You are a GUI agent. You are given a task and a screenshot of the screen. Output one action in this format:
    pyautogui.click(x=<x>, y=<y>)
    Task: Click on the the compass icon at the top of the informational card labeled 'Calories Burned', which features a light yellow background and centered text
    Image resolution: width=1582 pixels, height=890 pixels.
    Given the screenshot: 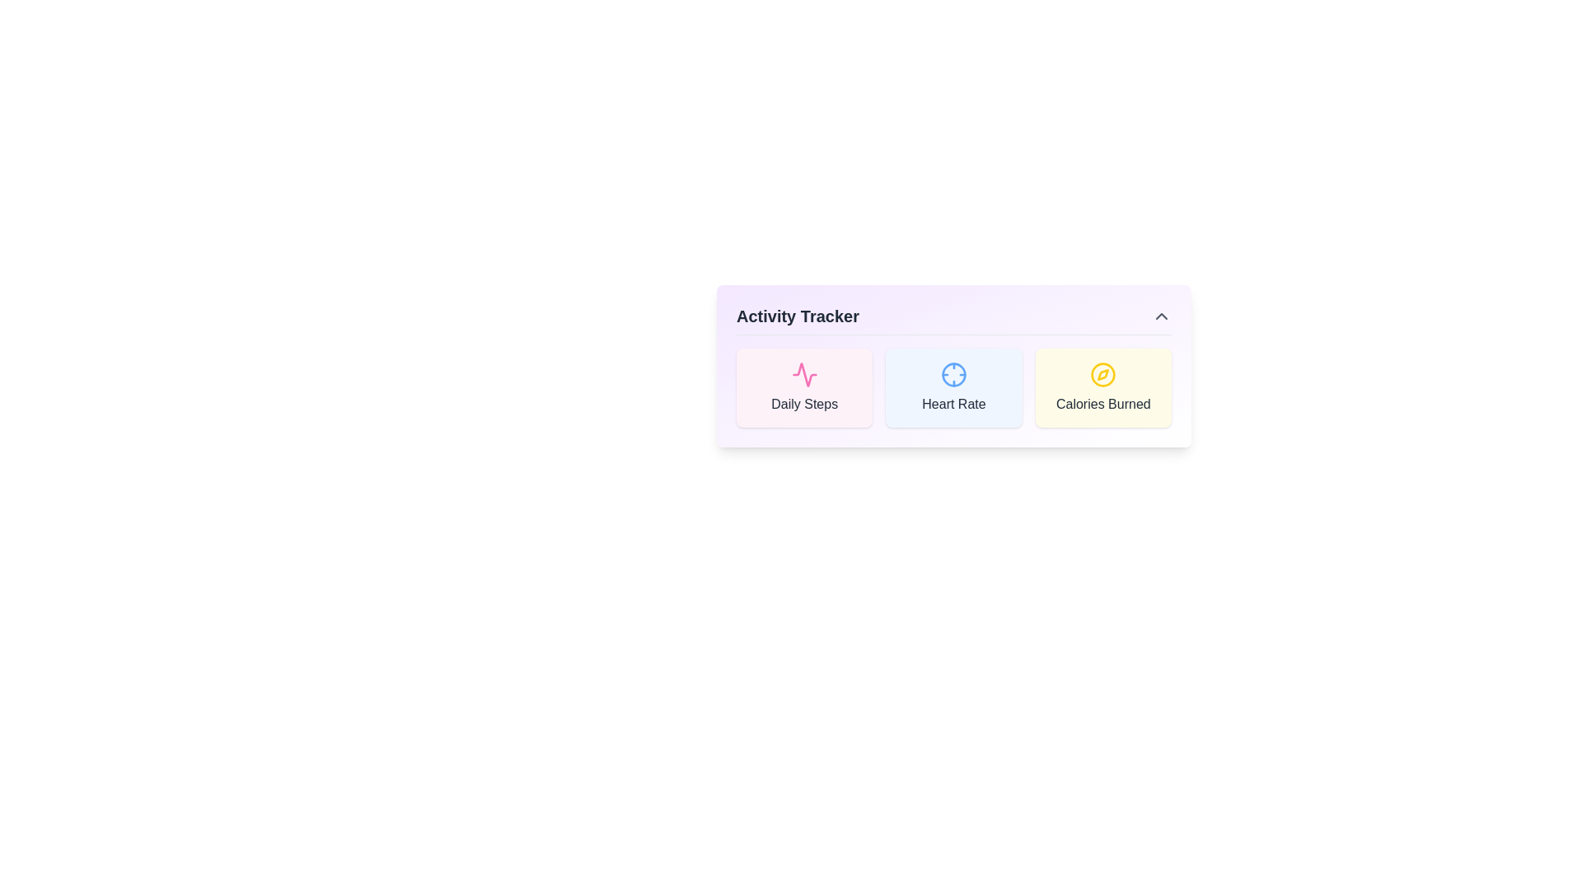 What is the action you would take?
    pyautogui.click(x=1103, y=387)
    